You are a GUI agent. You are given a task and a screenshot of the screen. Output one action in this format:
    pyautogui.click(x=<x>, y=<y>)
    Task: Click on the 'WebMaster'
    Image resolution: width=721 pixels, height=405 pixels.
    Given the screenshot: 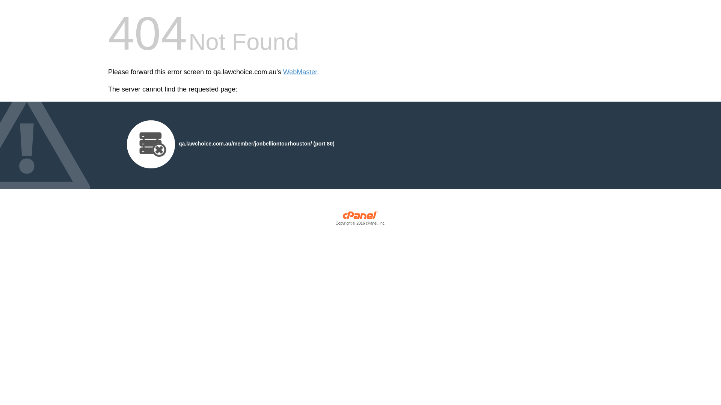 What is the action you would take?
    pyautogui.click(x=300, y=72)
    